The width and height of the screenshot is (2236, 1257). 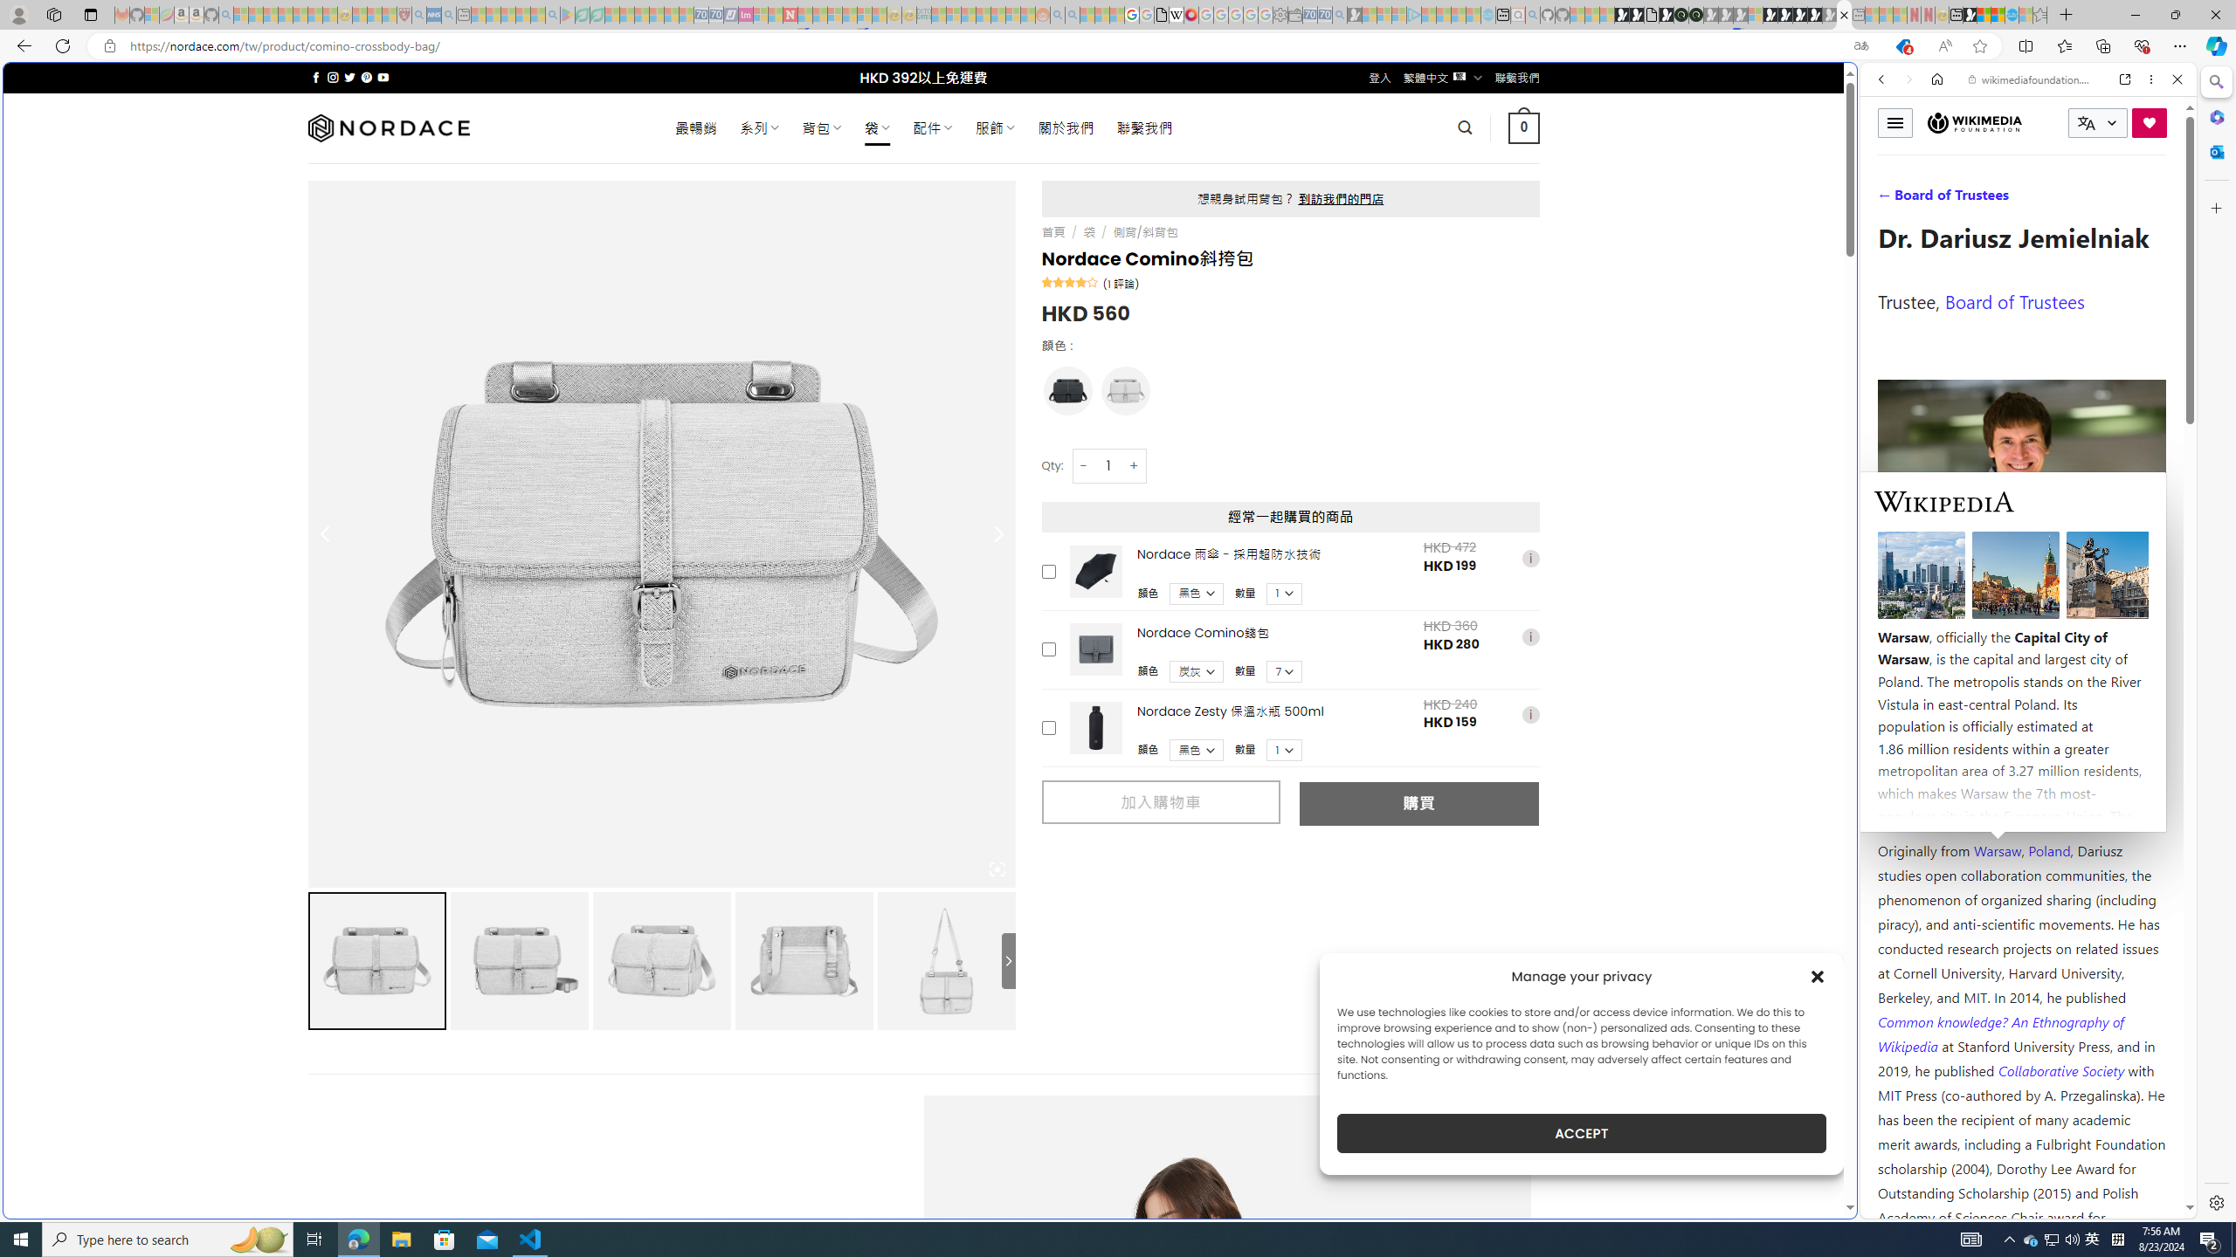 I want to click on 'utah sues federal government - Search', so click(x=1417, y=596).